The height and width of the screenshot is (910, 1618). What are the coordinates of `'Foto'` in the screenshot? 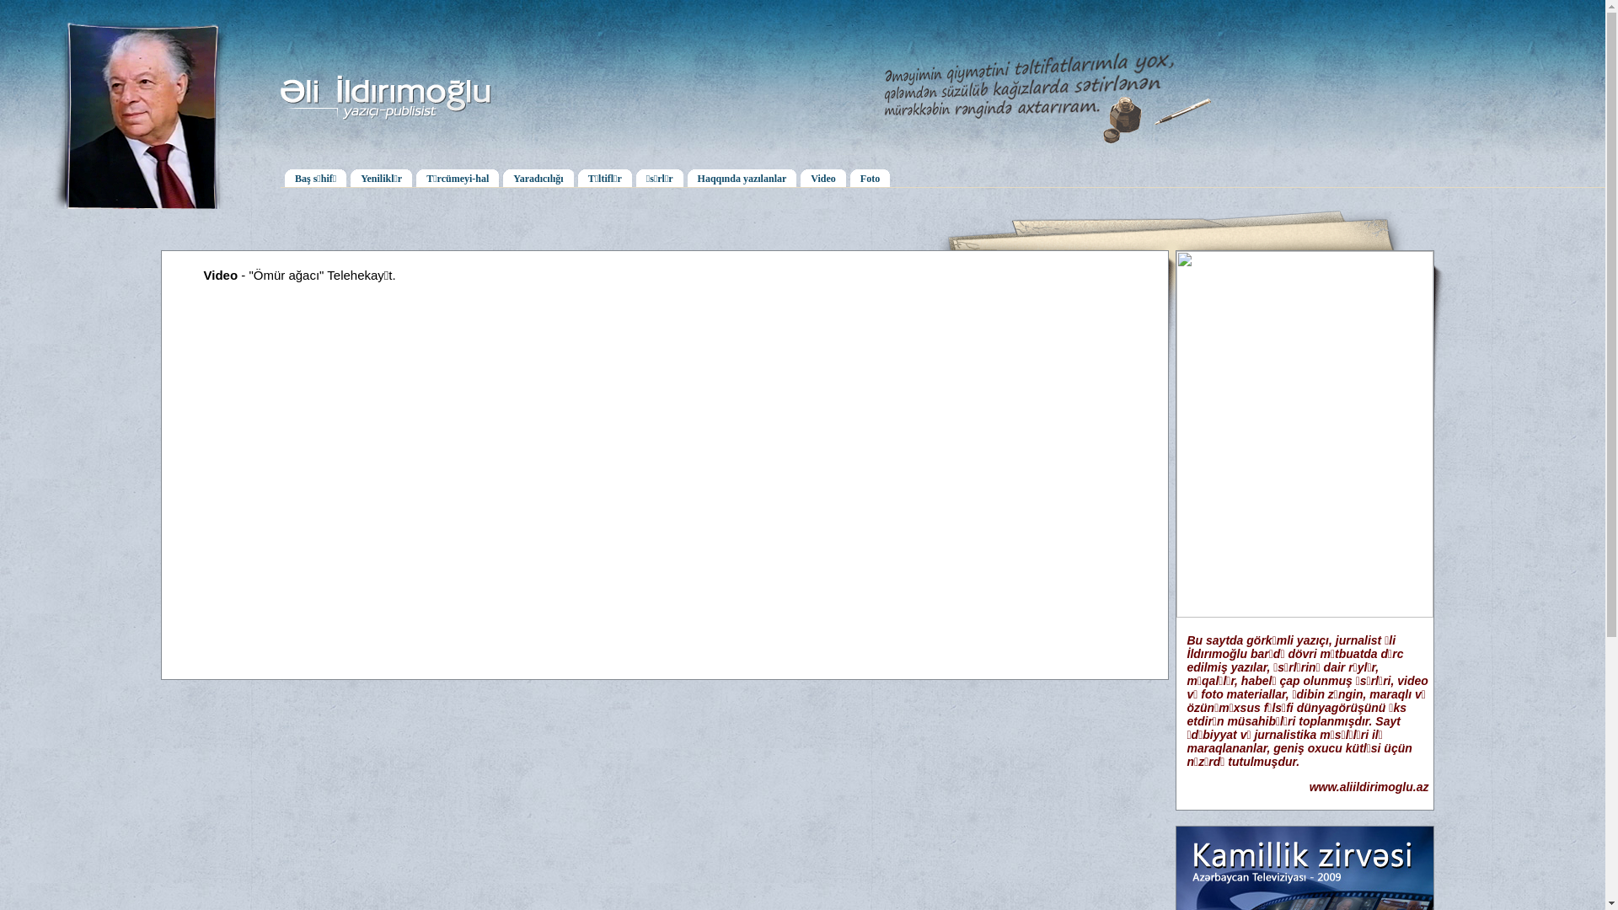 It's located at (870, 177).